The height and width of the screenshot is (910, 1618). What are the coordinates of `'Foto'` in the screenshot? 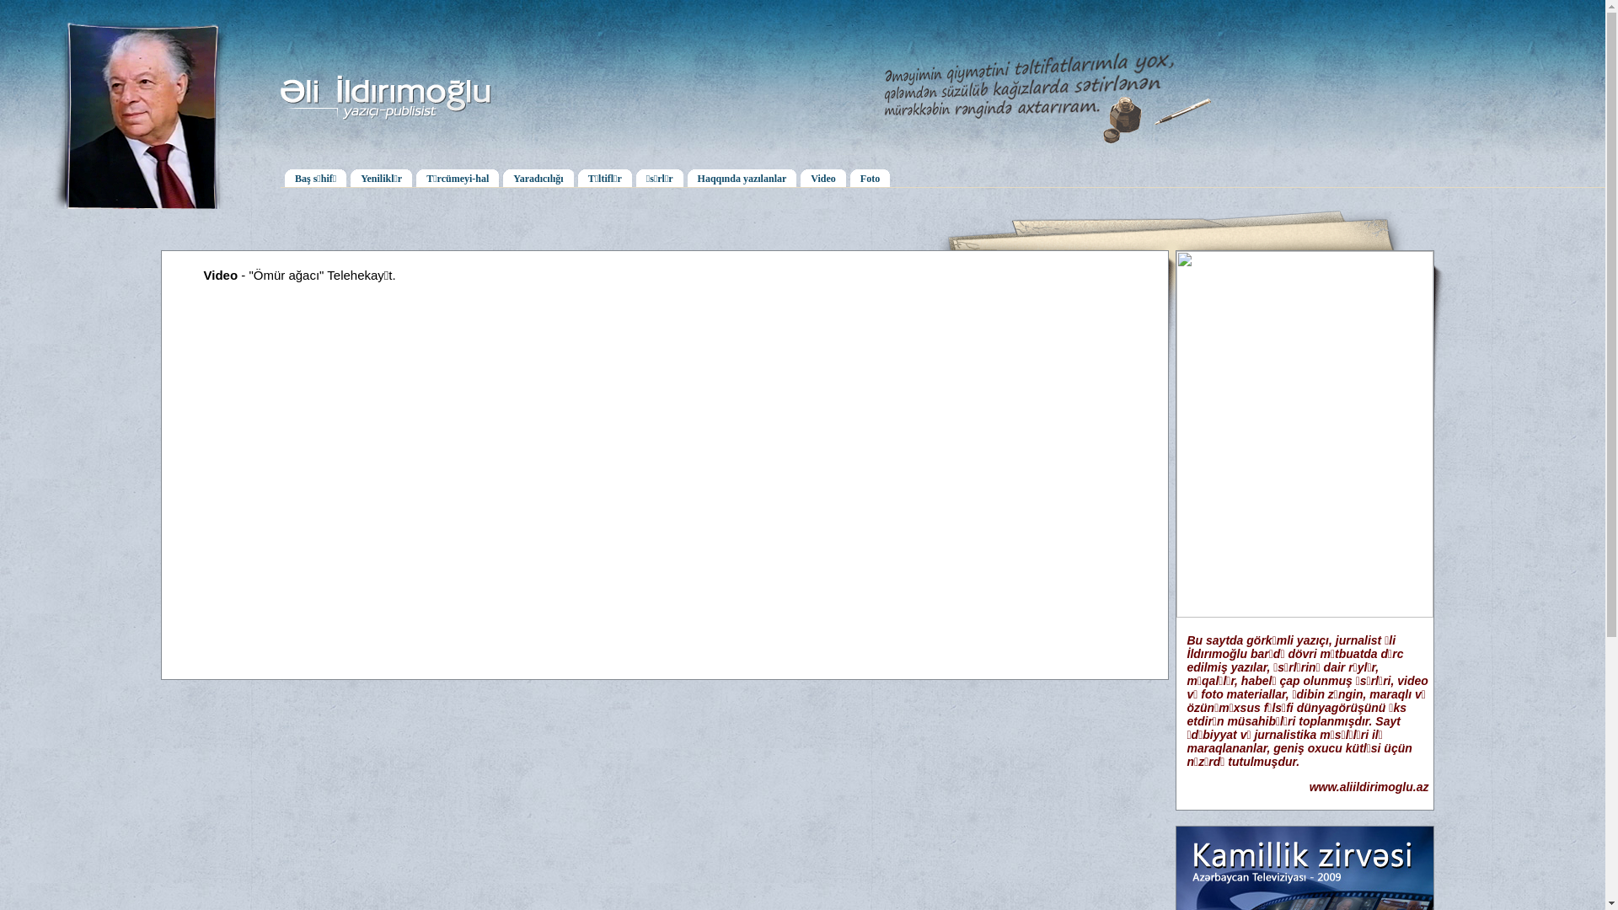 It's located at (870, 177).